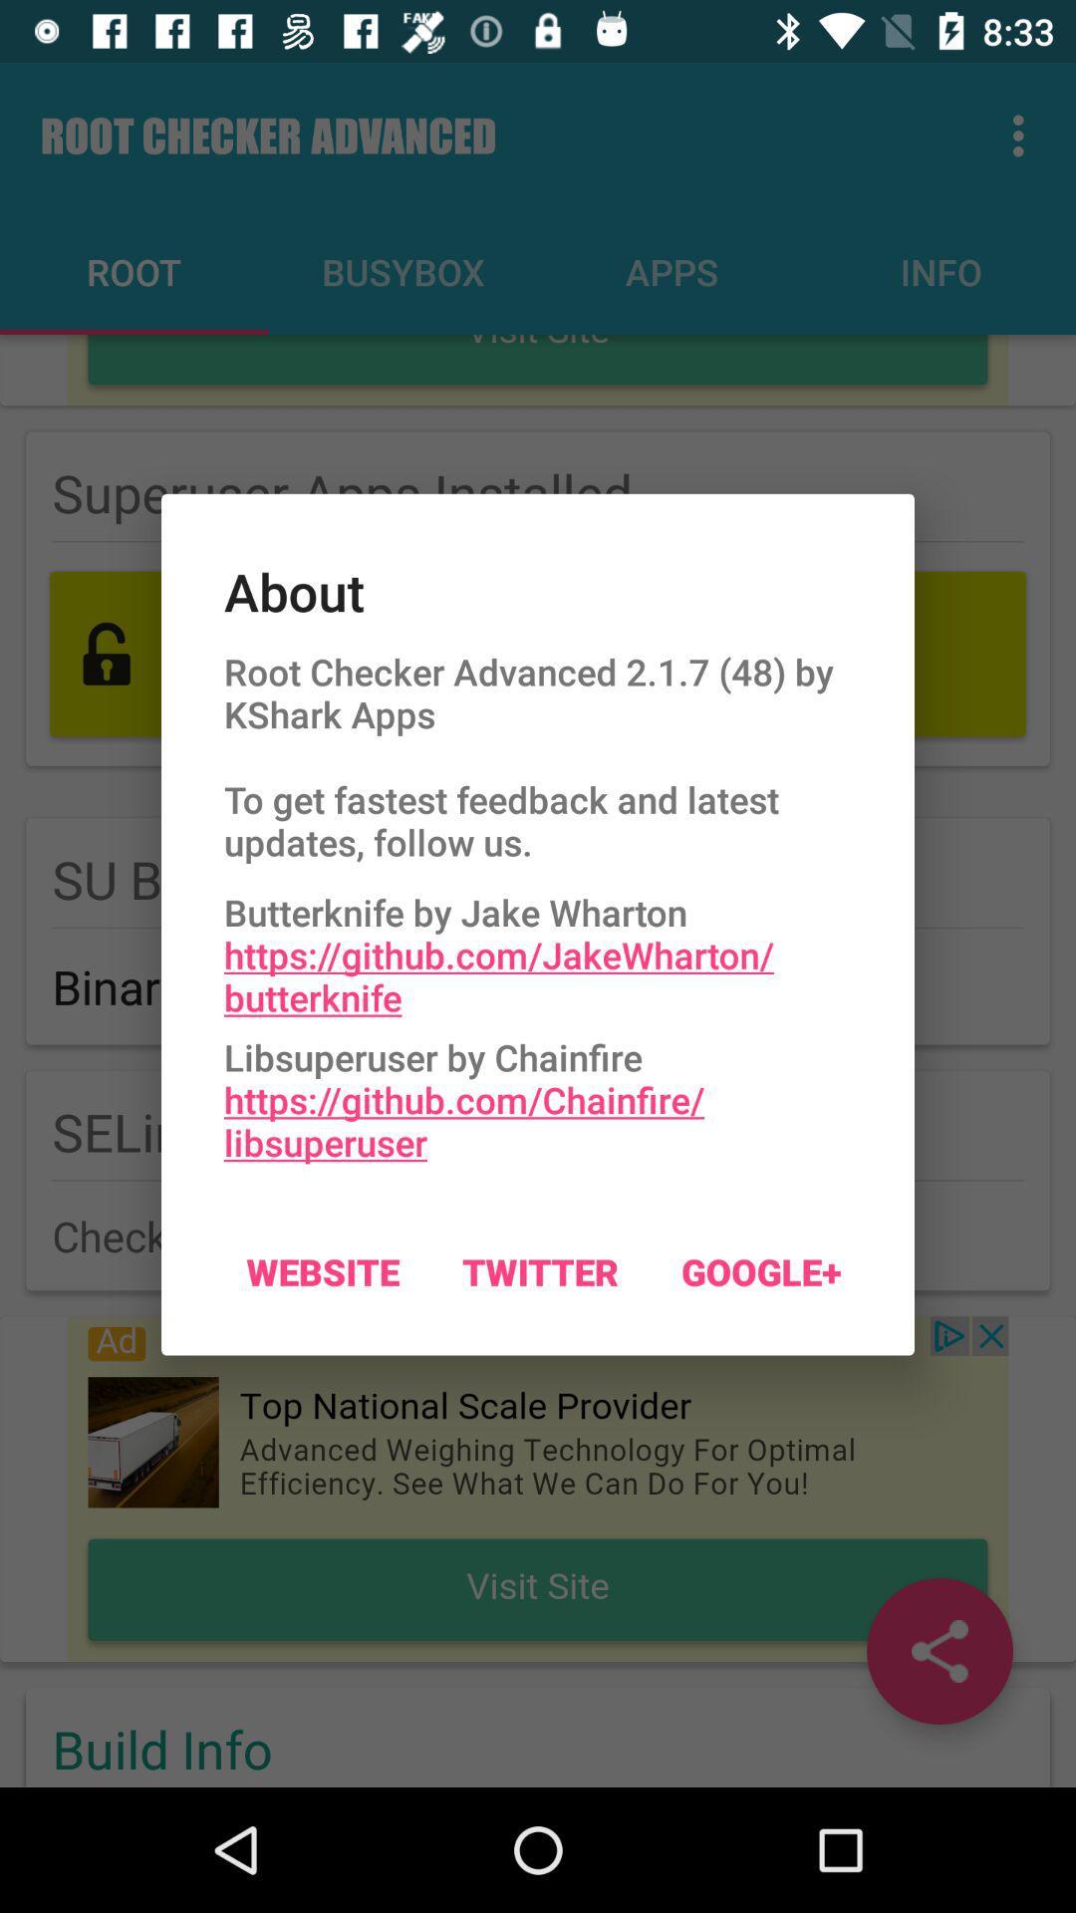  What do you see at coordinates (538, 949) in the screenshot?
I see `the icon above libsuperuser by chainfire item` at bounding box center [538, 949].